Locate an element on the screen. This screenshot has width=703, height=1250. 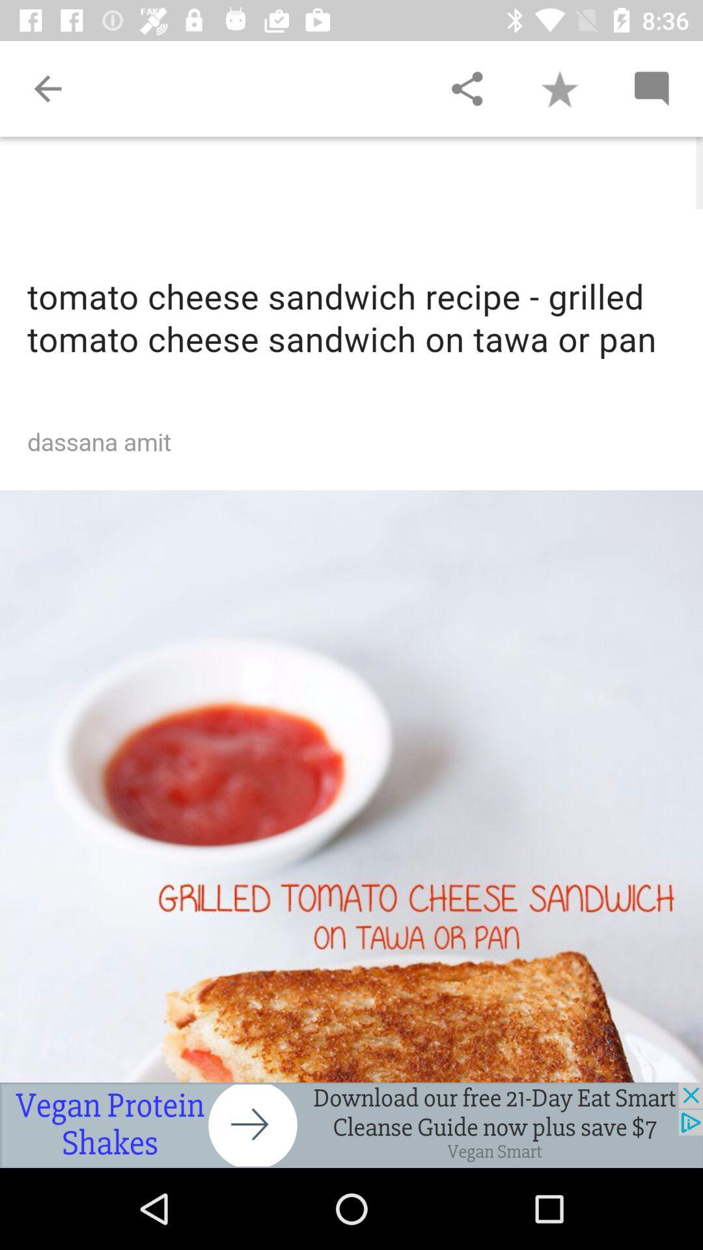
send to message is located at coordinates (651, 88).